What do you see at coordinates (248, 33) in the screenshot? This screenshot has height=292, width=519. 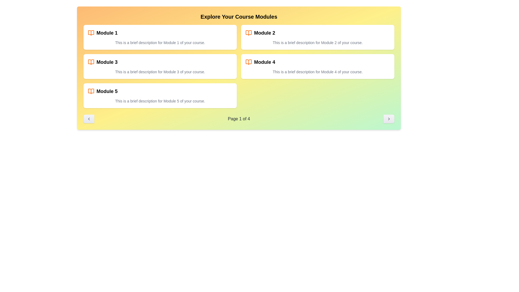 I see `the orange-colored open book icon located on the right side in the second row of modules, positioned before the heading 'Module 2'` at bounding box center [248, 33].